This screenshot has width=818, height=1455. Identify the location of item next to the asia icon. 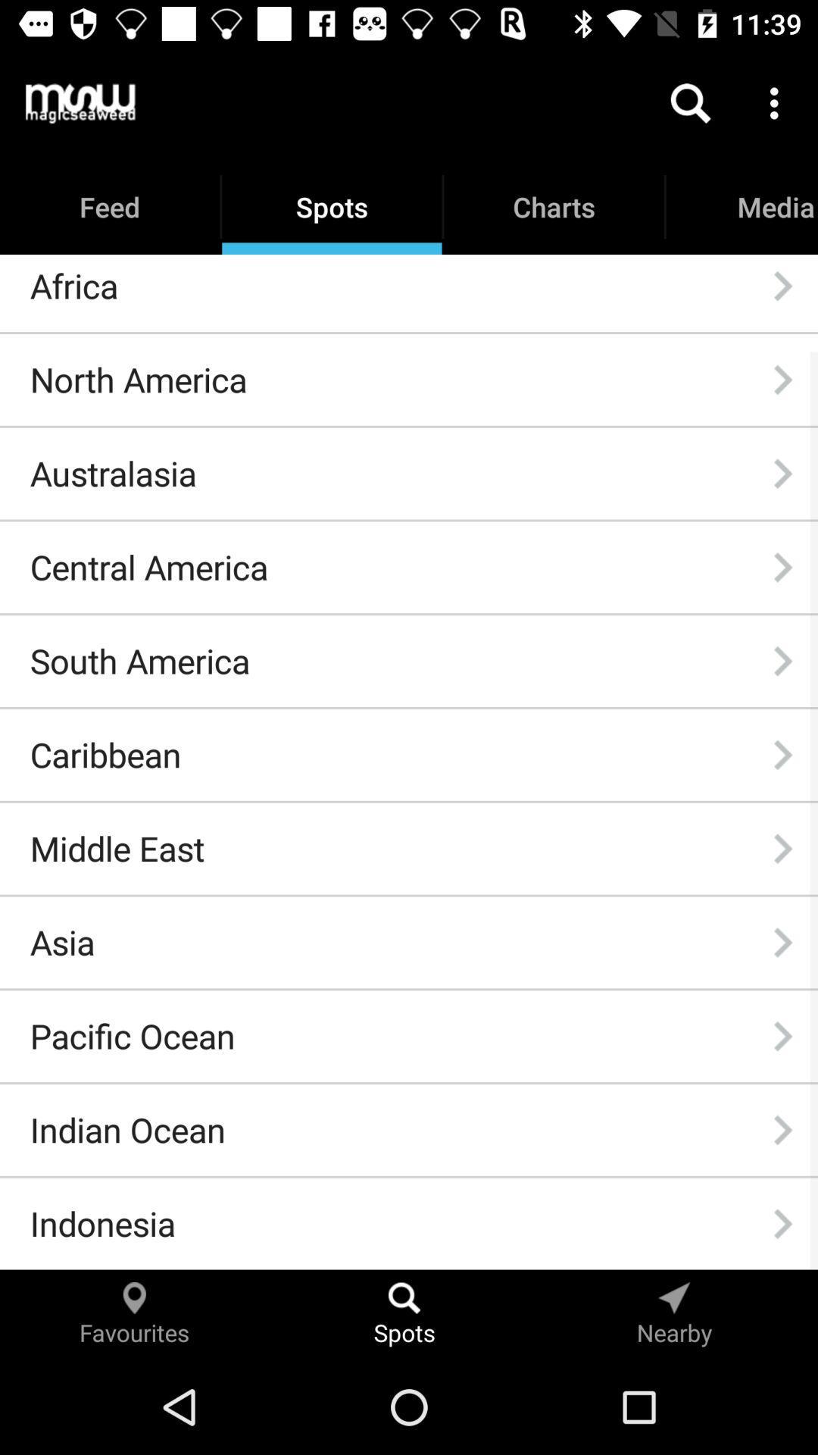
(782, 941).